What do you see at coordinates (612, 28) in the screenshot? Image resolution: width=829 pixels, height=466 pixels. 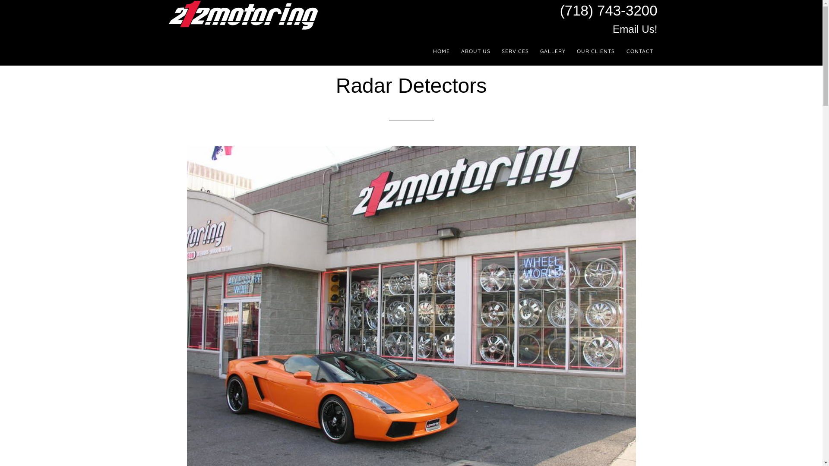 I see `'Email Us!'` at bounding box center [612, 28].